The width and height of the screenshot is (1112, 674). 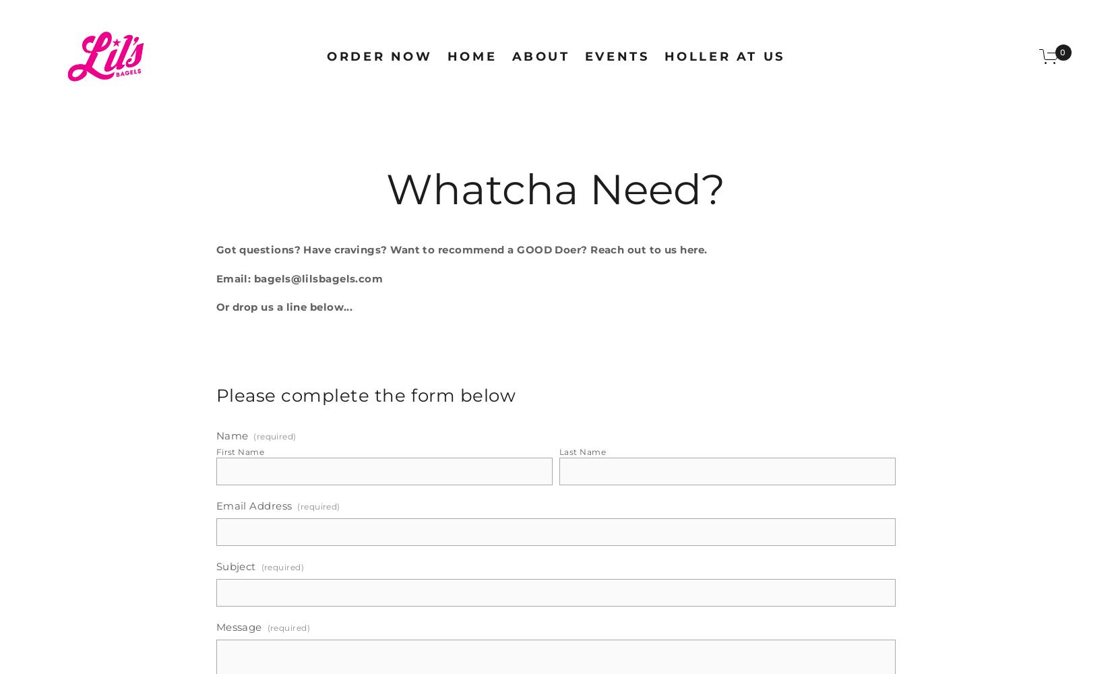 What do you see at coordinates (283, 306) in the screenshot?
I see `'Or drop us a line below...'` at bounding box center [283, 306].